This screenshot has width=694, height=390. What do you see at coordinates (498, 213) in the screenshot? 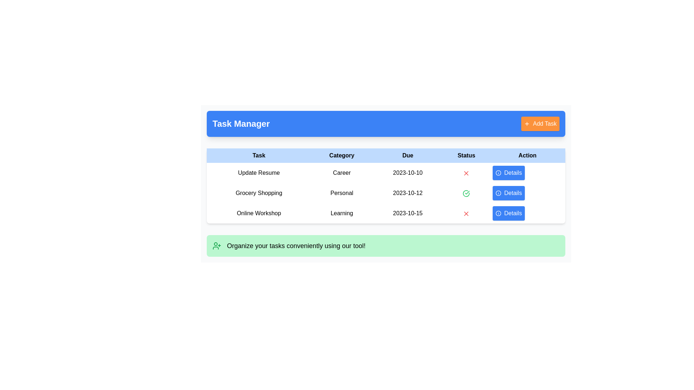
I see `the circular information icon with a white 'i' on a blue background located within the 'Details' button in the 'Action' column of the third row` at bounding box center [498, 213].